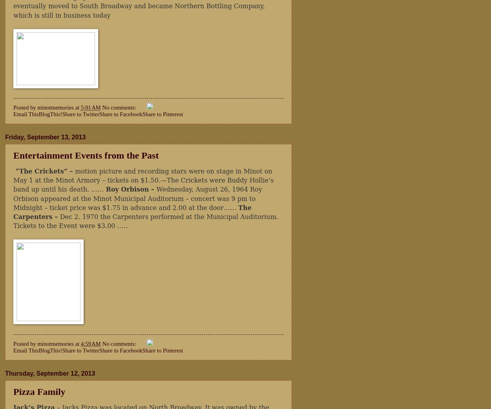 The height and width of the screenshot is (409, 491). Describe the element at coordinates (86, 155) in the screenshot. I see `'Entertainment Events from the Past'` at that location.